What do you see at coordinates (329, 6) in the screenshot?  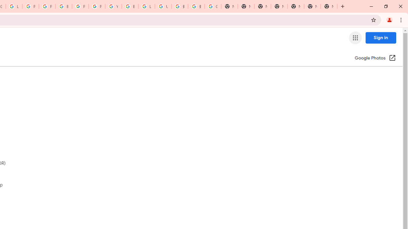 I see `'New Tab'` at bounding box center [329, 6].